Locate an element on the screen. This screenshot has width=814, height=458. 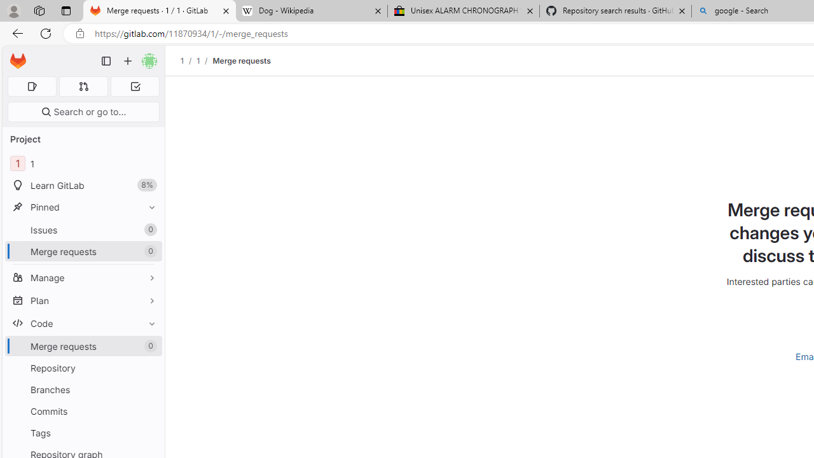
'Skip to main content' is located at coordinates (15, 55).